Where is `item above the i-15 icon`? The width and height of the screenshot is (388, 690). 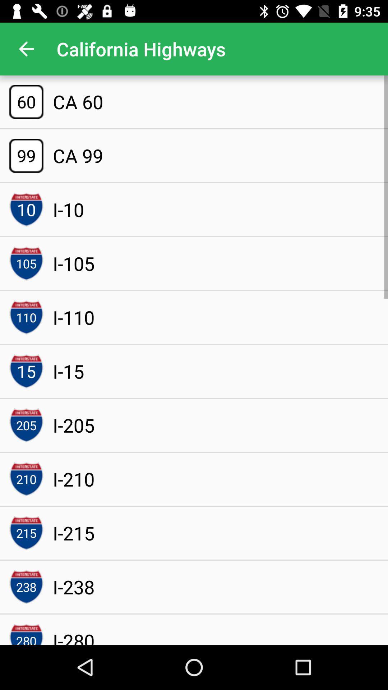
item above the i-15 icon is located at coordinates (74, 317).